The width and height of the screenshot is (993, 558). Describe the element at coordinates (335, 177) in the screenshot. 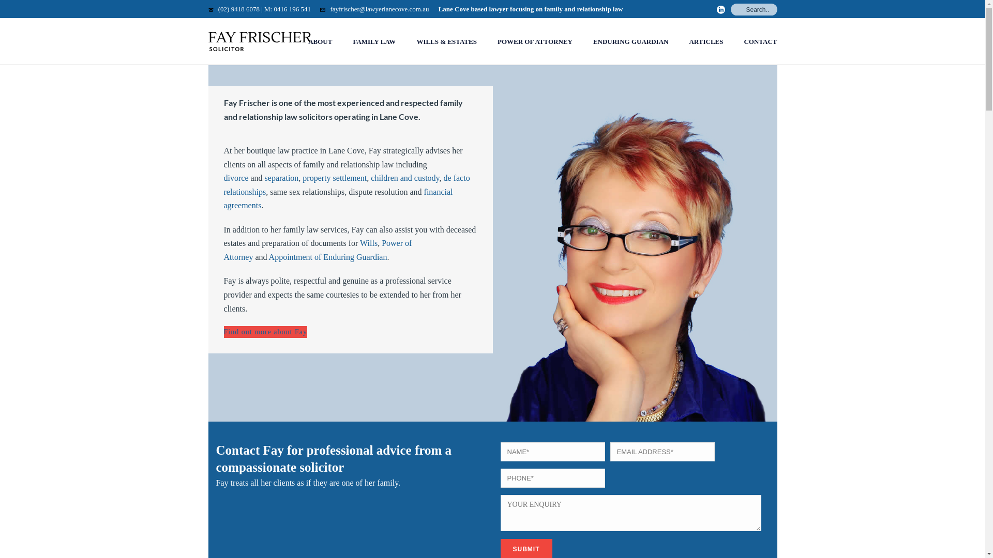

I see `'property settlement'` at that location.